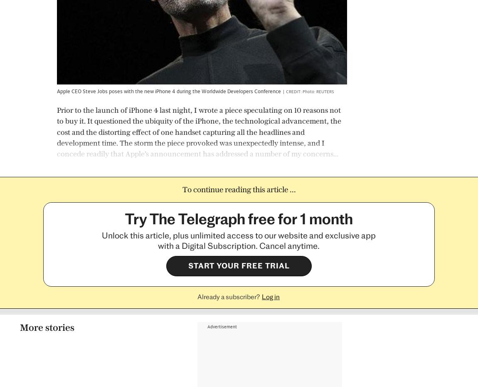 This screenshot has height=387, width=478. I want to click on 'Branded Content', so click(158, 371).